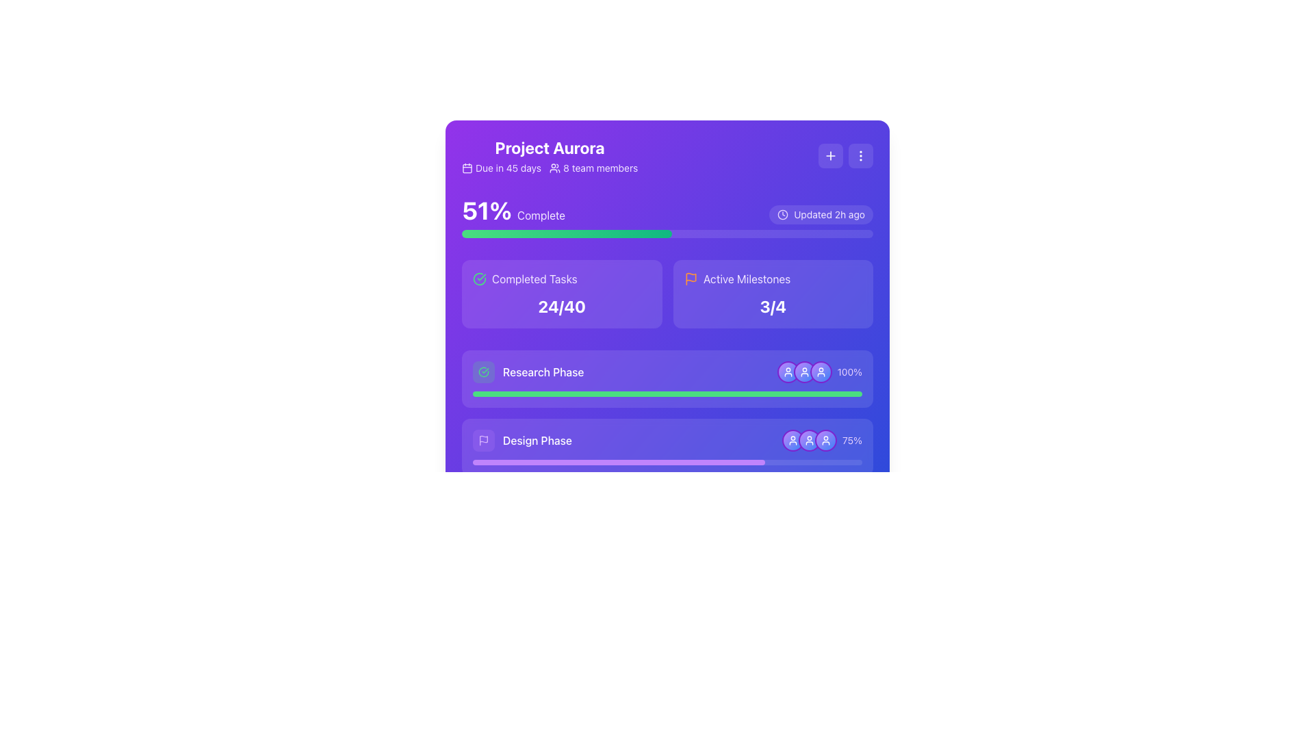 This screenshot has width=1314, height=739. What do you see at coordinates (830, 155) in the screenshot?
I see `the button in the top-right corner of the purple card` at bounding box center [830, 155].